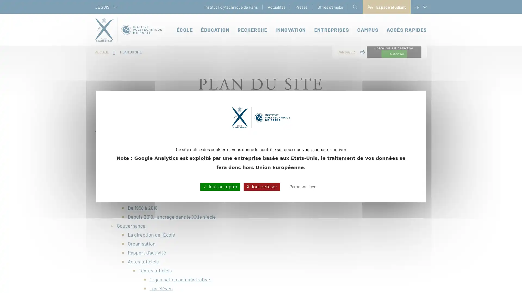 The width and height of the screenshot is (522, 293). What do you see at coordinates (394, 54) in the screenshot?
I see `Autoriser` at bounding box center [394, 54].